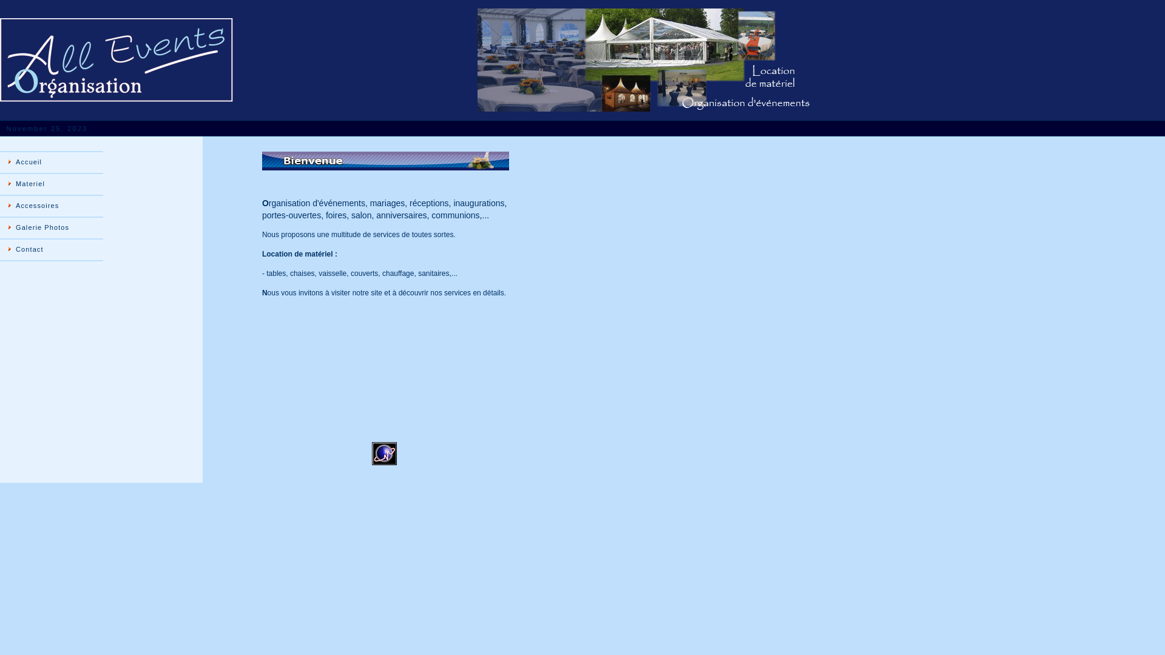  What do you see at coordinates (51, 227) in the screenshot?
I see `'Galerie Photos'` at bounding box center [51, 227].